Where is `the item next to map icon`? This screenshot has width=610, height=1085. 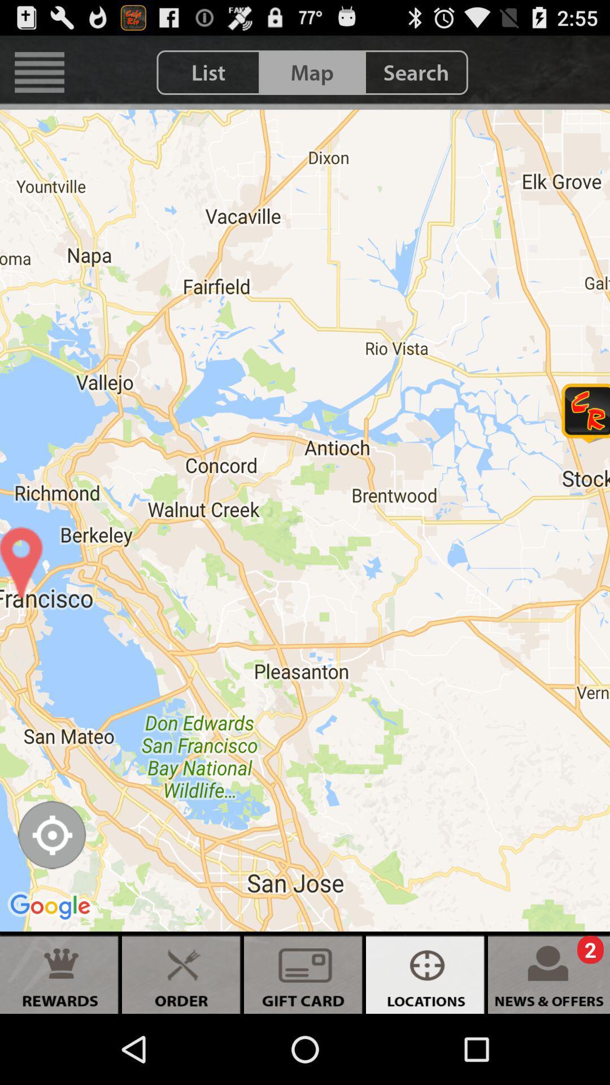
the item next to map icon is located at coordinates (416, 72).